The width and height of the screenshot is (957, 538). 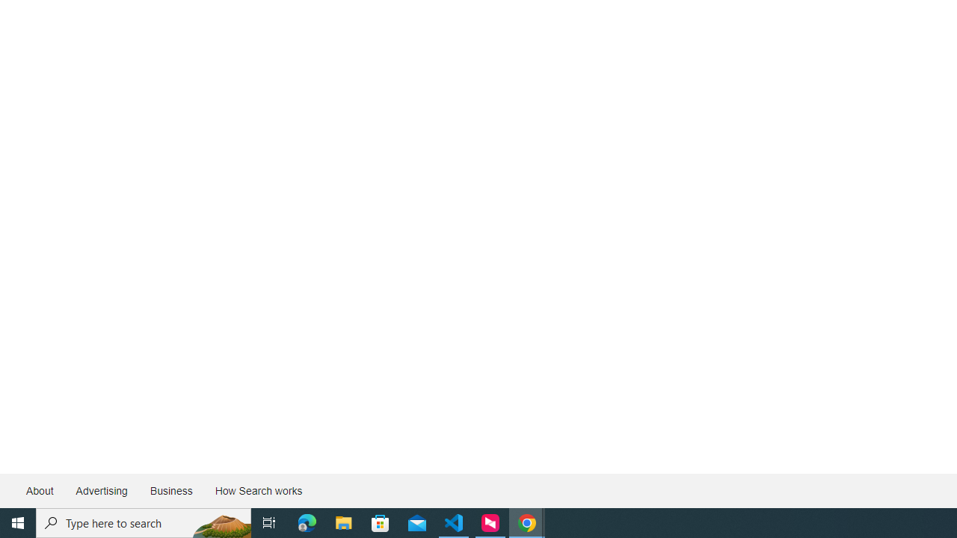 What do you see at coordinates (171, 491) in the screenshot?
I see `'Business'` at bounding box center [171, 491].